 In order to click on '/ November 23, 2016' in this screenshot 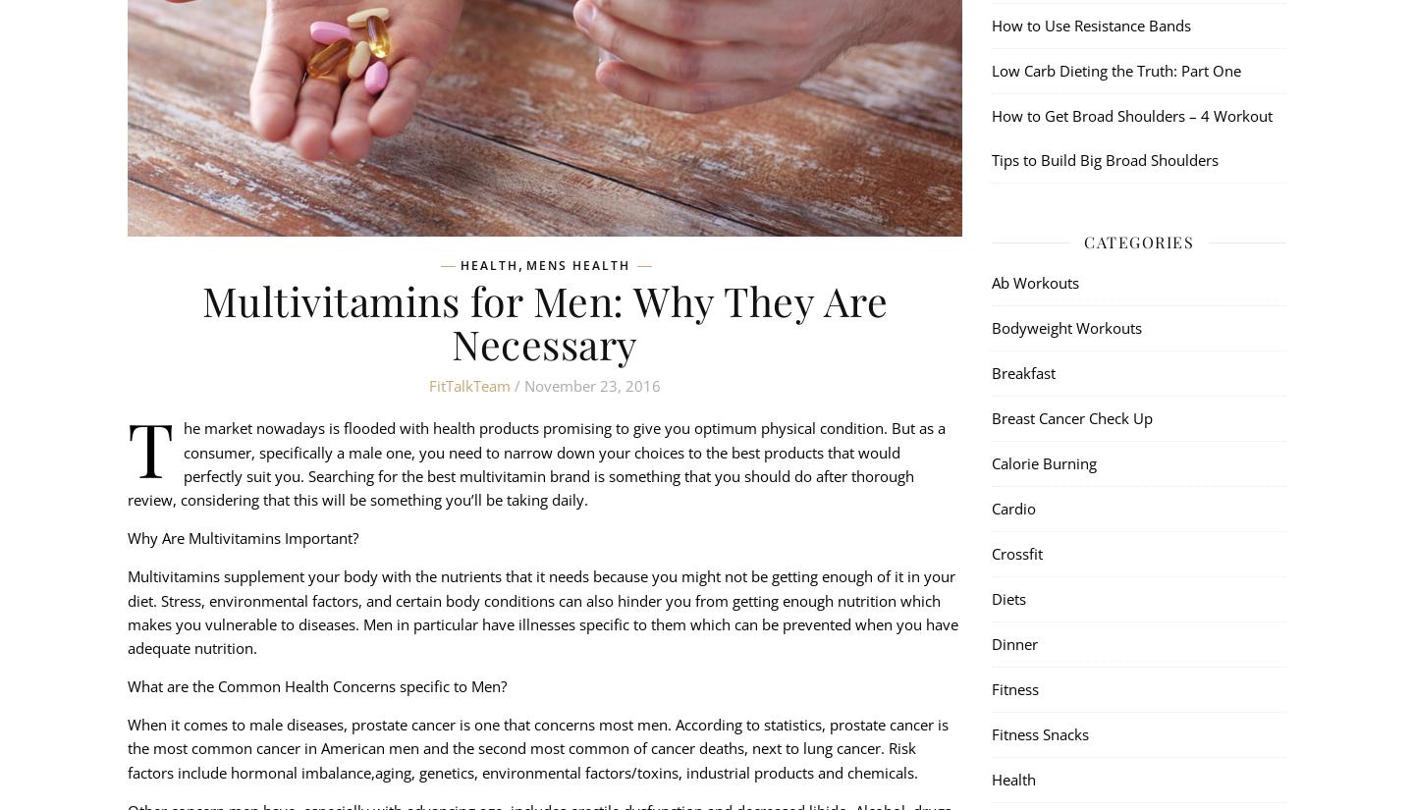, I will do `click(585, 385)`.